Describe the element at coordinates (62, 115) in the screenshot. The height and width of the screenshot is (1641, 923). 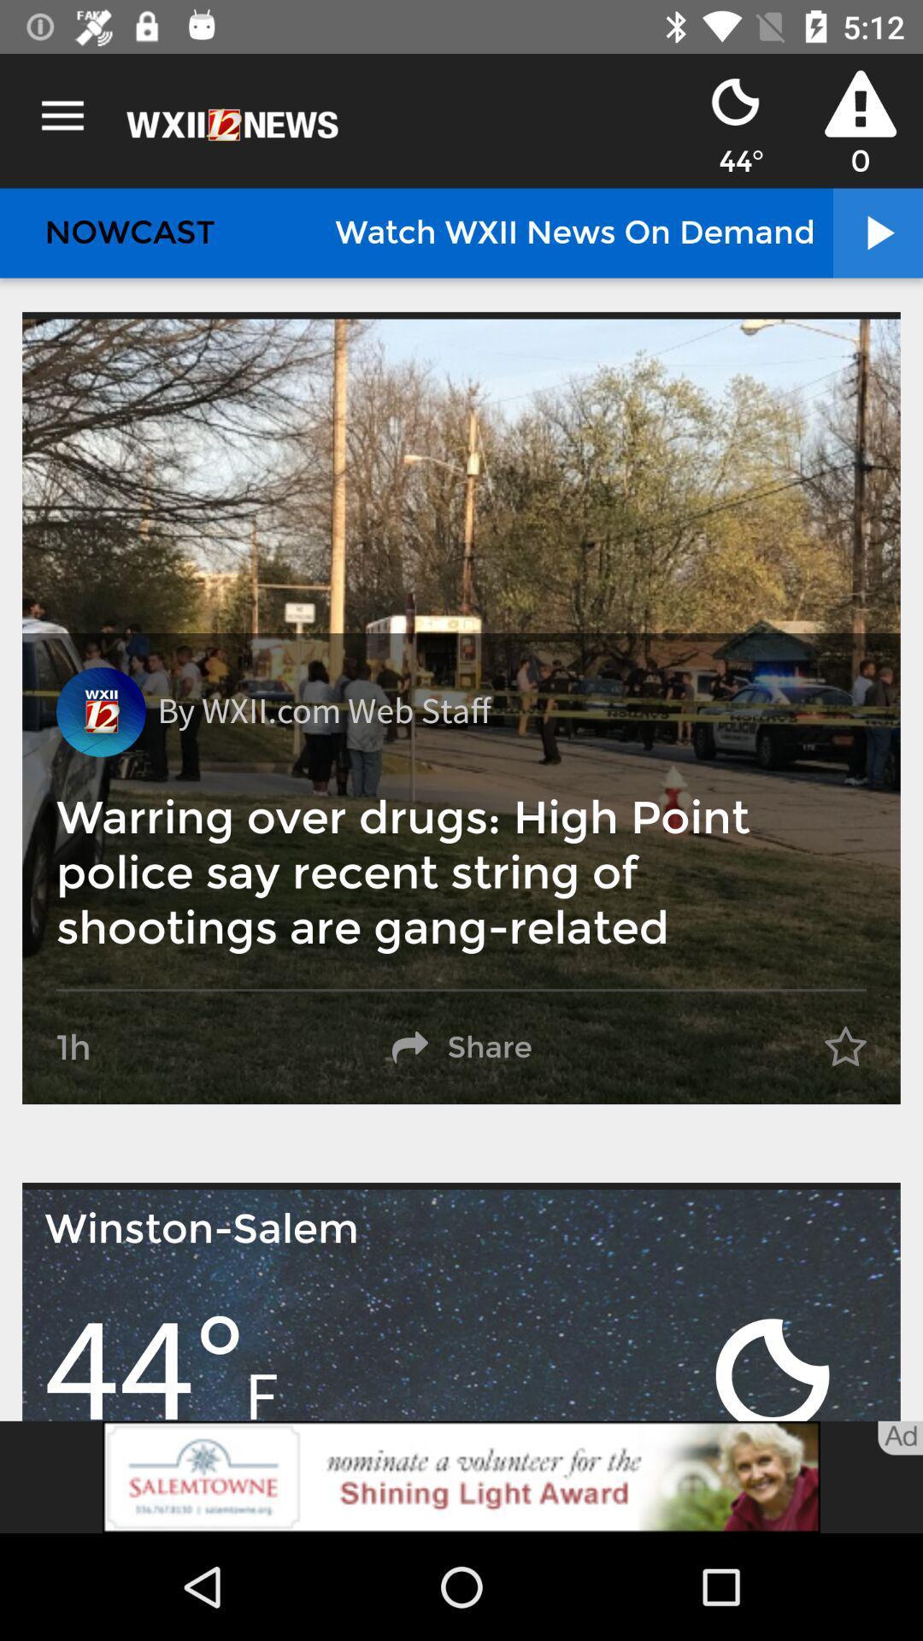
I see `the menu icon` at that location.